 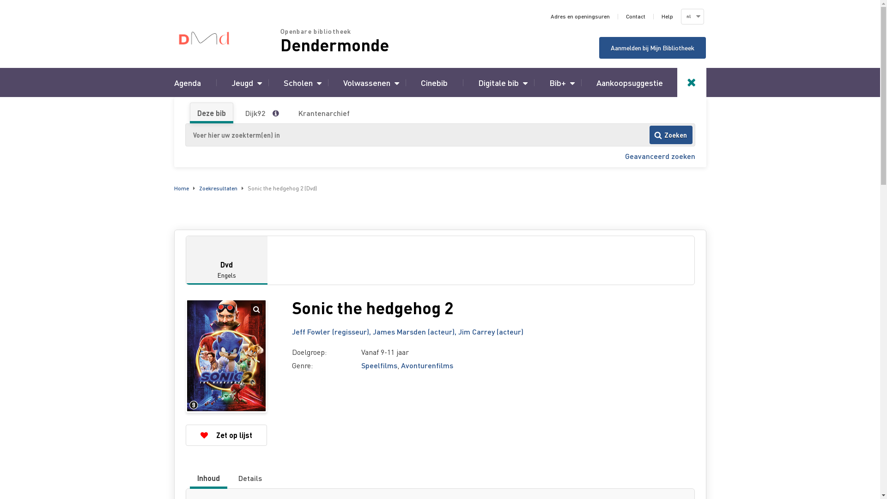 I want to click on 'Zoeken', so click(x=671, y=135).